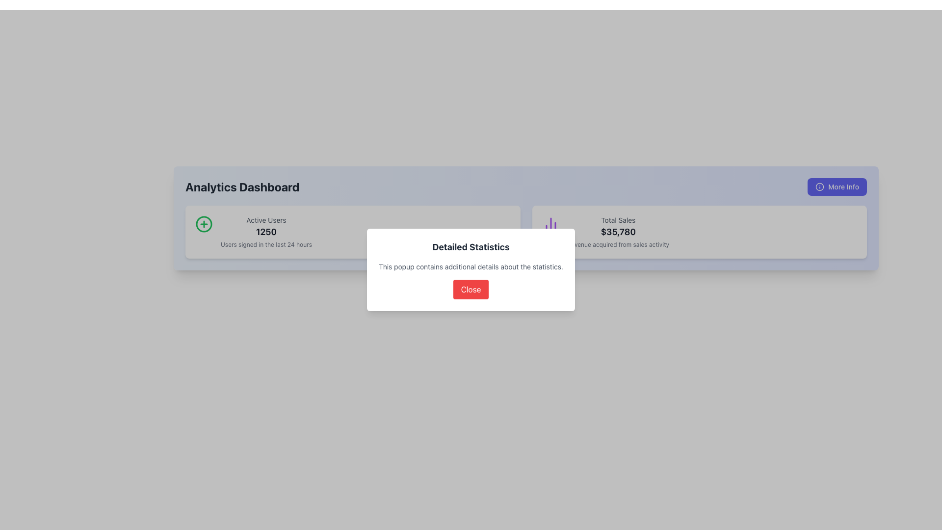  What do you see at coordinates (471, 289) in the screenshot?
I see `the close button located at the bottom of the 'Detailed Statistics' popup` at bounding box center [471, 289].